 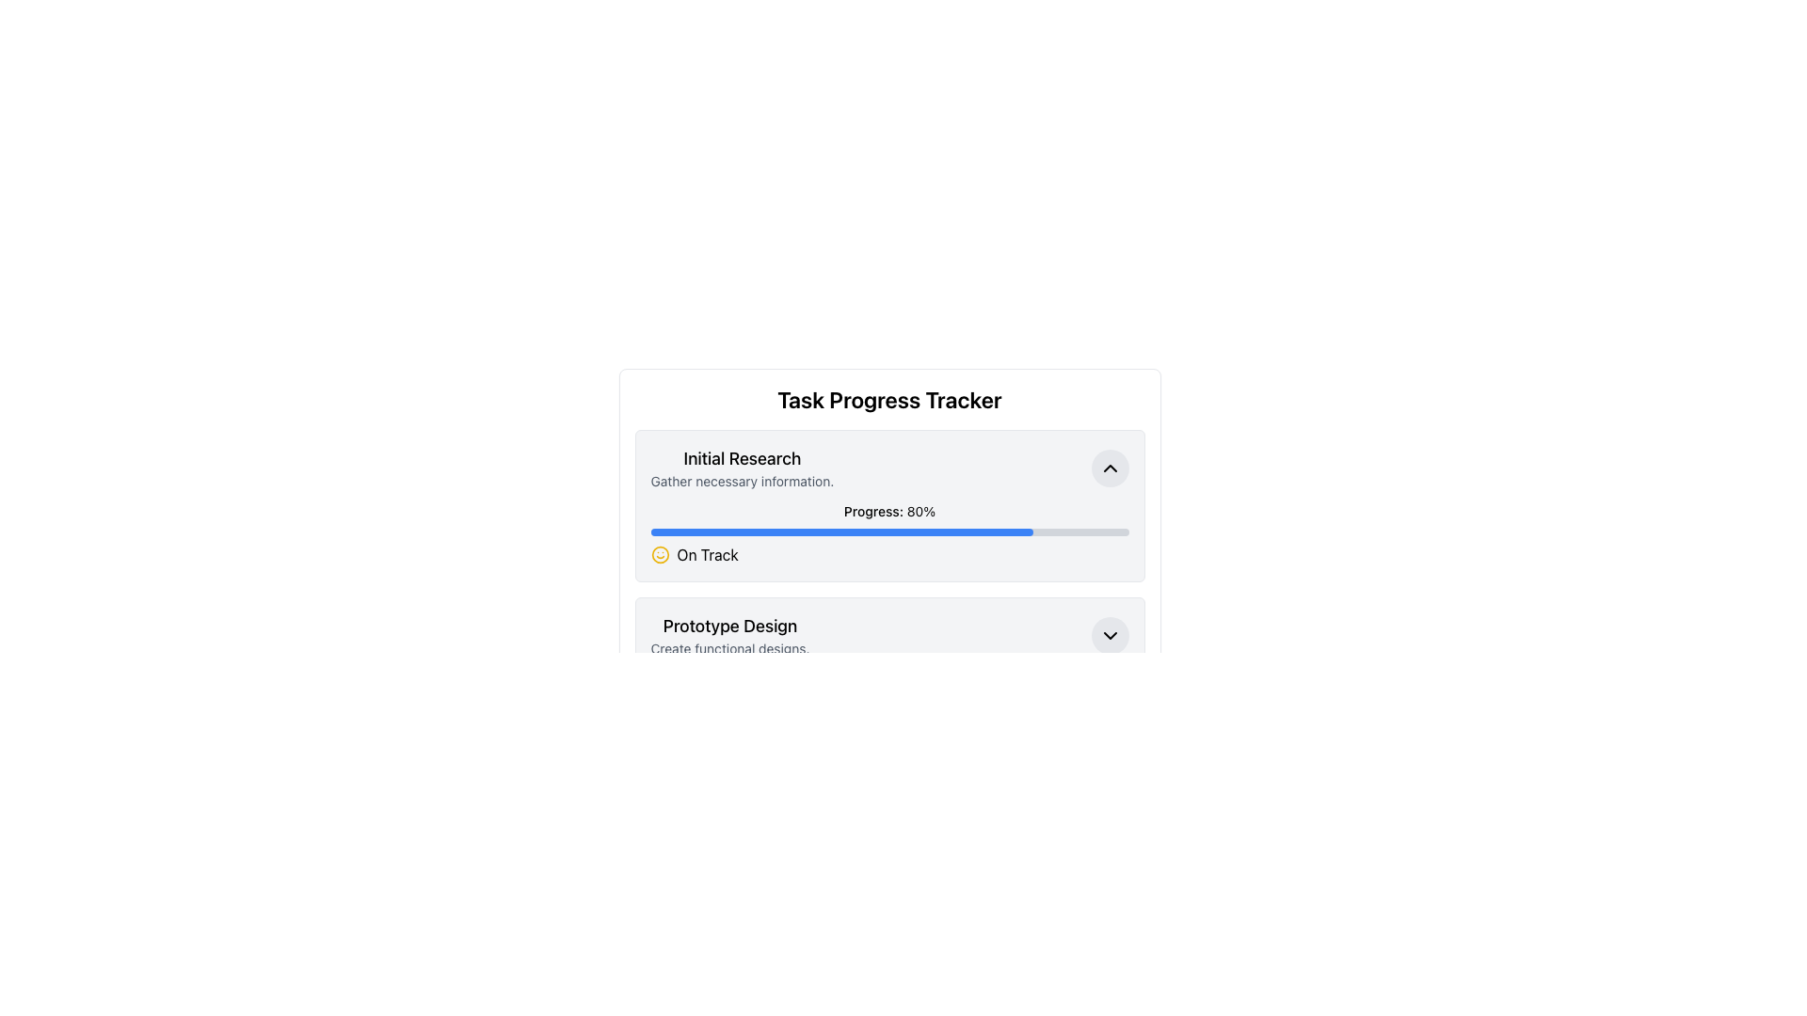 I want to click on the interactive toggle icon, so click(x=1110, y=635).